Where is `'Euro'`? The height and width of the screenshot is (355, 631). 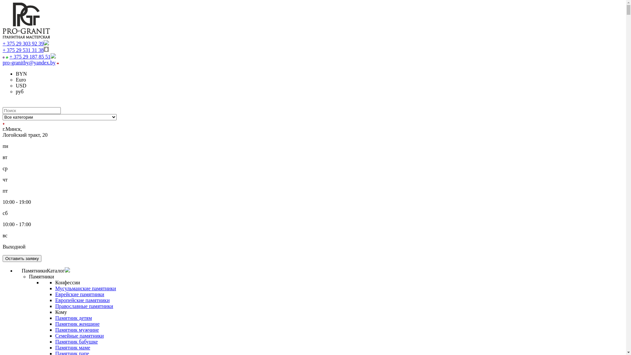 'Euro' is located at coordinates (21, 79).